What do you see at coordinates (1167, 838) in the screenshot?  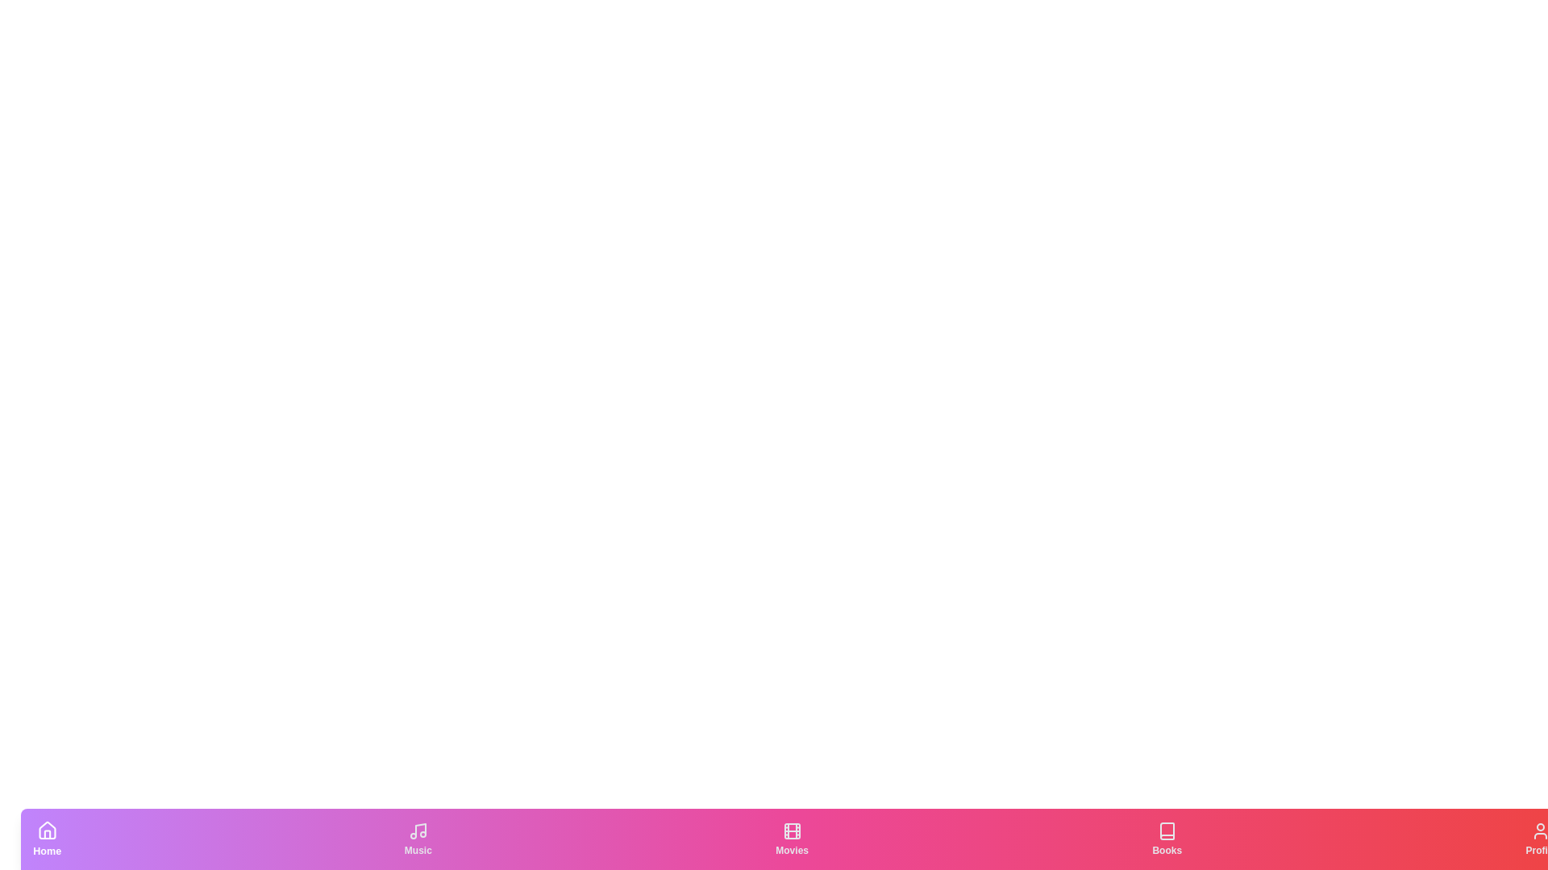 I see `the Books tab` at bounding box center [1167, 838].